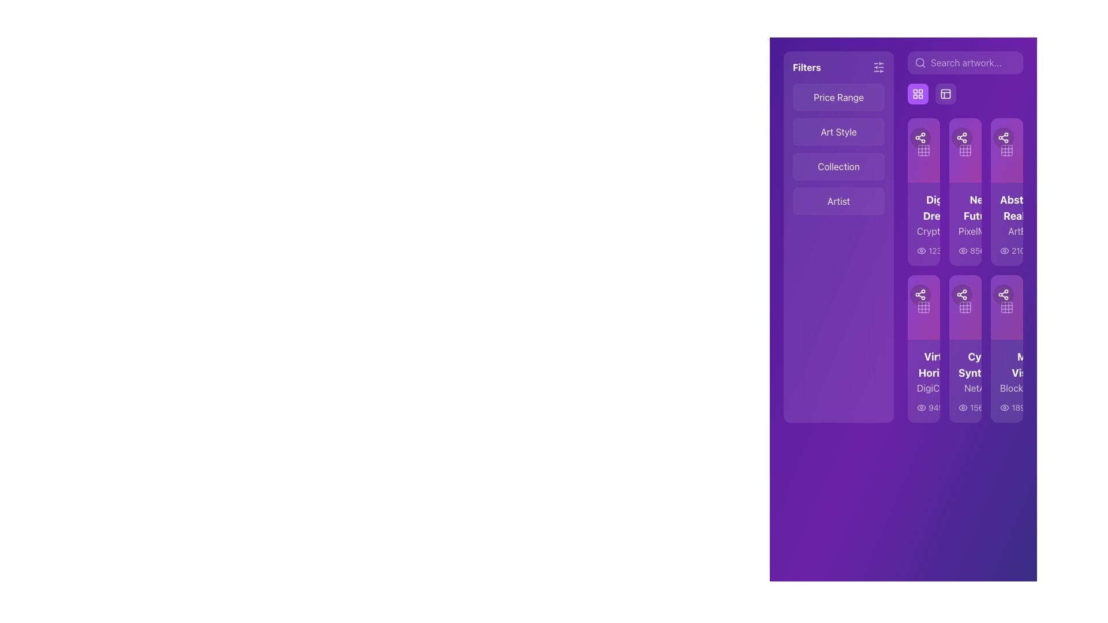 This screenshot has height=623, width=1108. Describe the element at coordinates (806, 67) in the screenshot. I see `the Text Label that acts as the title or heading for a section, located in the top-left corner of a toolbar or section header` at that location.